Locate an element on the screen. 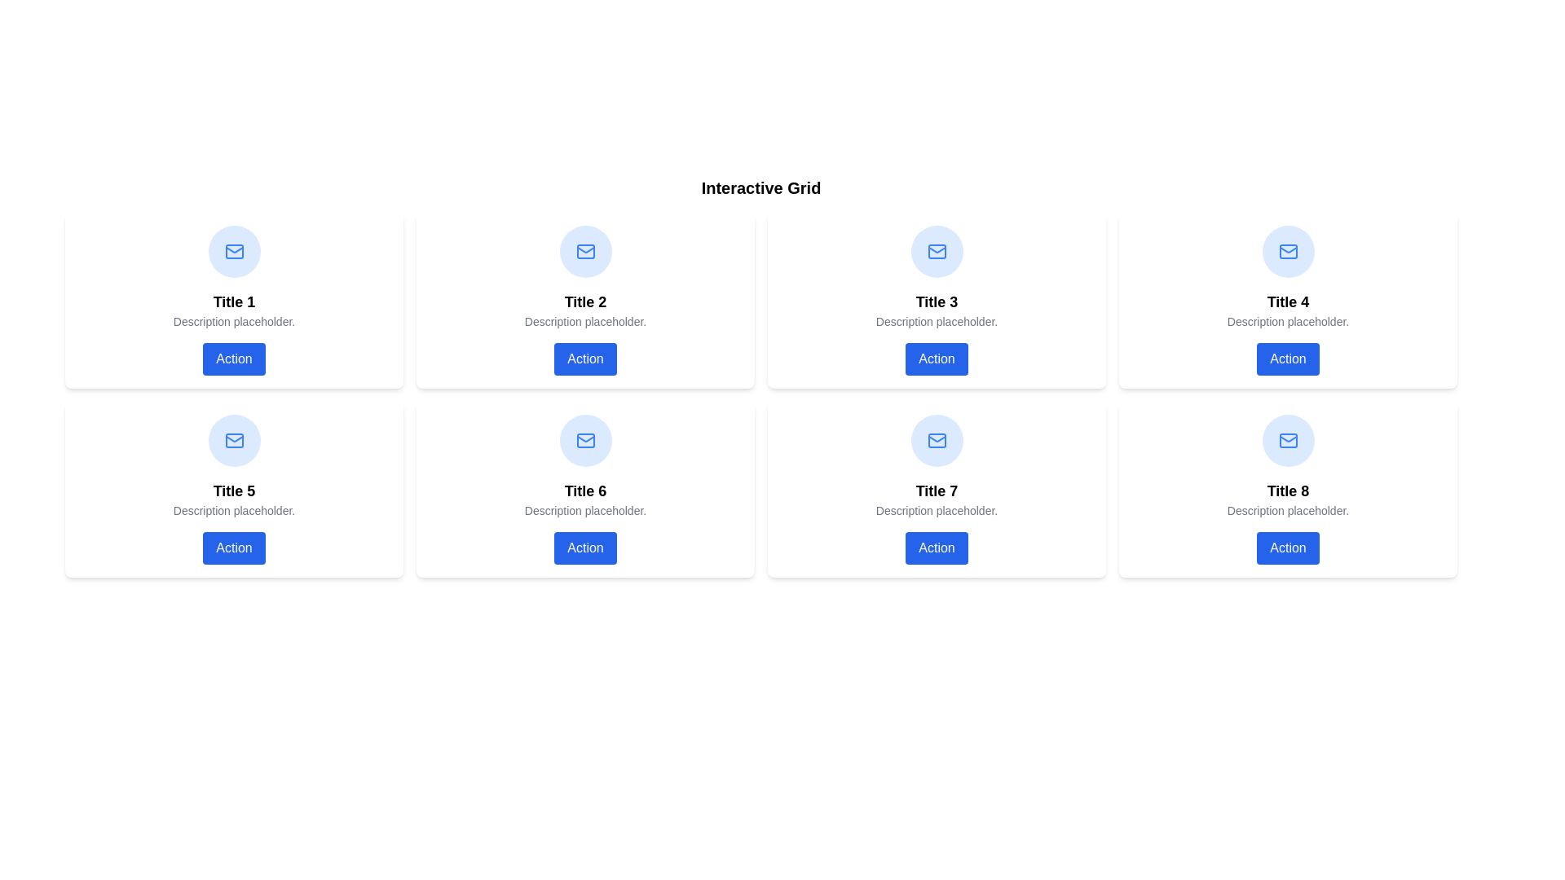 Image resolution: width=1565 pixels, height=880 pixels. title 'Title 6' and description 'Description placeholder.' from the Card component containing an Action Button, which has a white background, rounded corners, and is located in the second row, second column of the grid layout is located at coordinates (585, 489).